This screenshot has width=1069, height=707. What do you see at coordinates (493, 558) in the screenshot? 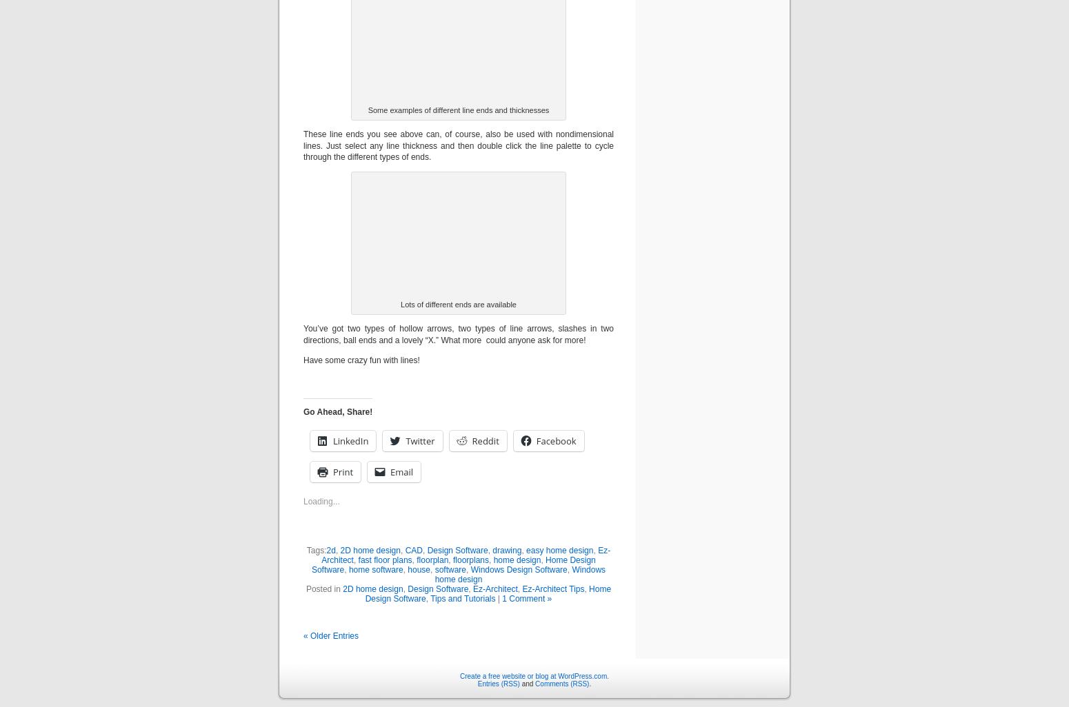
I see `'home design'` at bounding box center [493, 558].